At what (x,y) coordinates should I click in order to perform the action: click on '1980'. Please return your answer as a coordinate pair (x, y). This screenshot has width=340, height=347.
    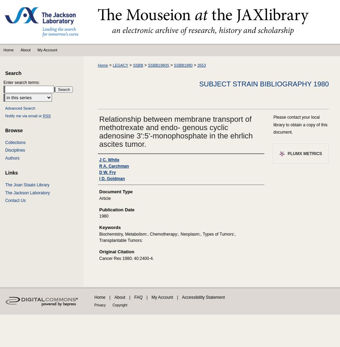
    Looking at the image, I should click on (103, 216).